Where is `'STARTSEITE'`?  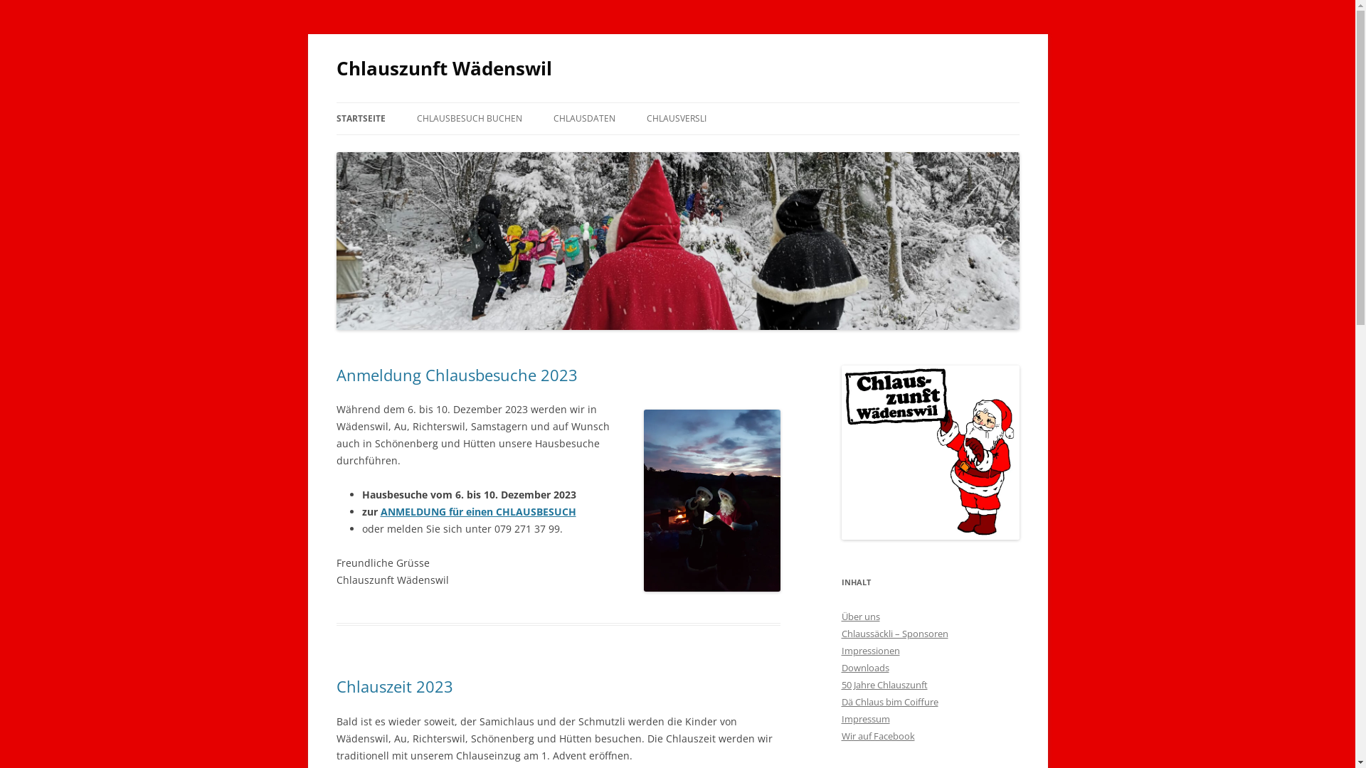 'STARTSEITE' is located at coordinates (360, 117).